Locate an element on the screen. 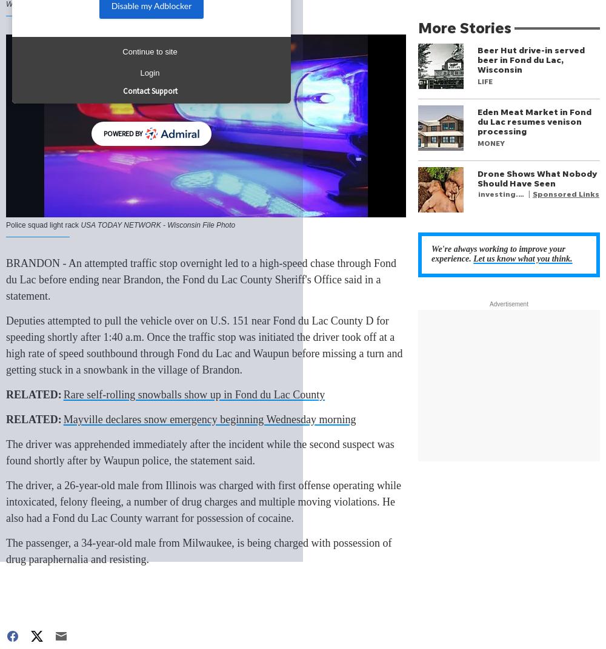 This screenshot has height=649, width=606. 'Rare self-rolling snowballs show up in Fond du Lac County' is located at coordinates (193, 394).